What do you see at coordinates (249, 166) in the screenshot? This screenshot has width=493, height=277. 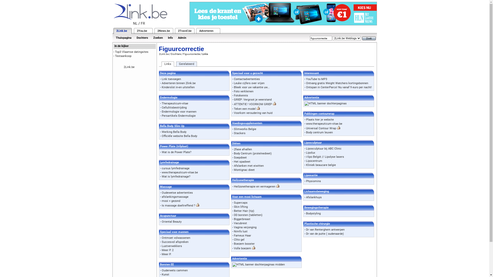 I see `'Afslanken met eiwitten'` at bounding box center [249, 166].